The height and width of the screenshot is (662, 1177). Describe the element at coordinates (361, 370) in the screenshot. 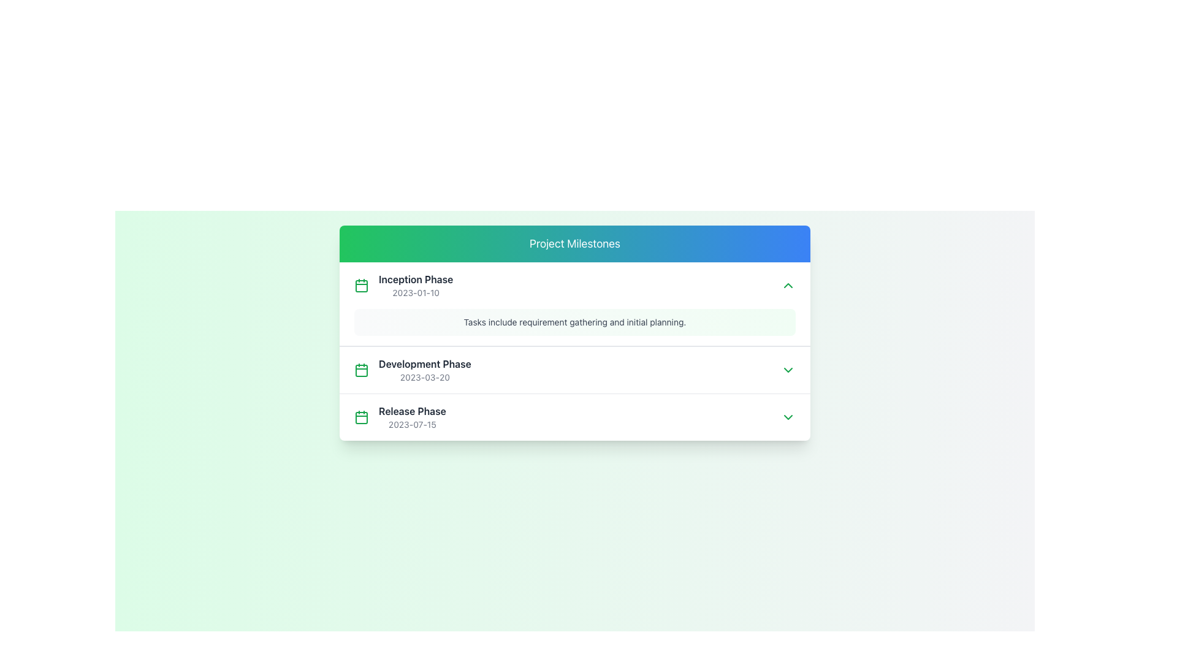

I see `the calendar icon representing the 'Development Phase' milestone, positioned at the start of its entry in the milestone list` at that location.